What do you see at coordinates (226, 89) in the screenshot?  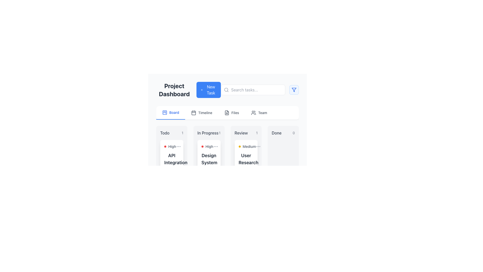 I see `the circular part of the magnifying glass icon, which indicates the search functionality, positioned on the left side of the search bar` at bounding box center [226, 89].